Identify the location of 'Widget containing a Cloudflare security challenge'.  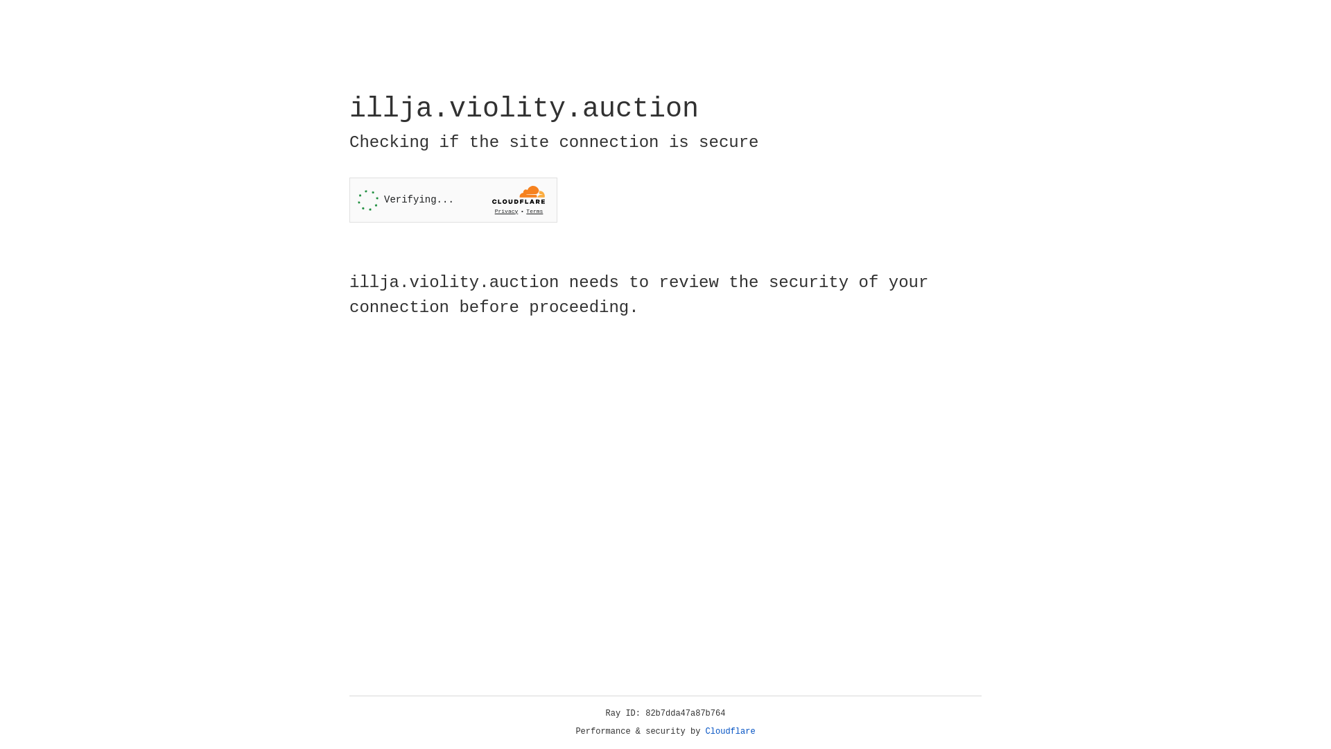
(453, 200).